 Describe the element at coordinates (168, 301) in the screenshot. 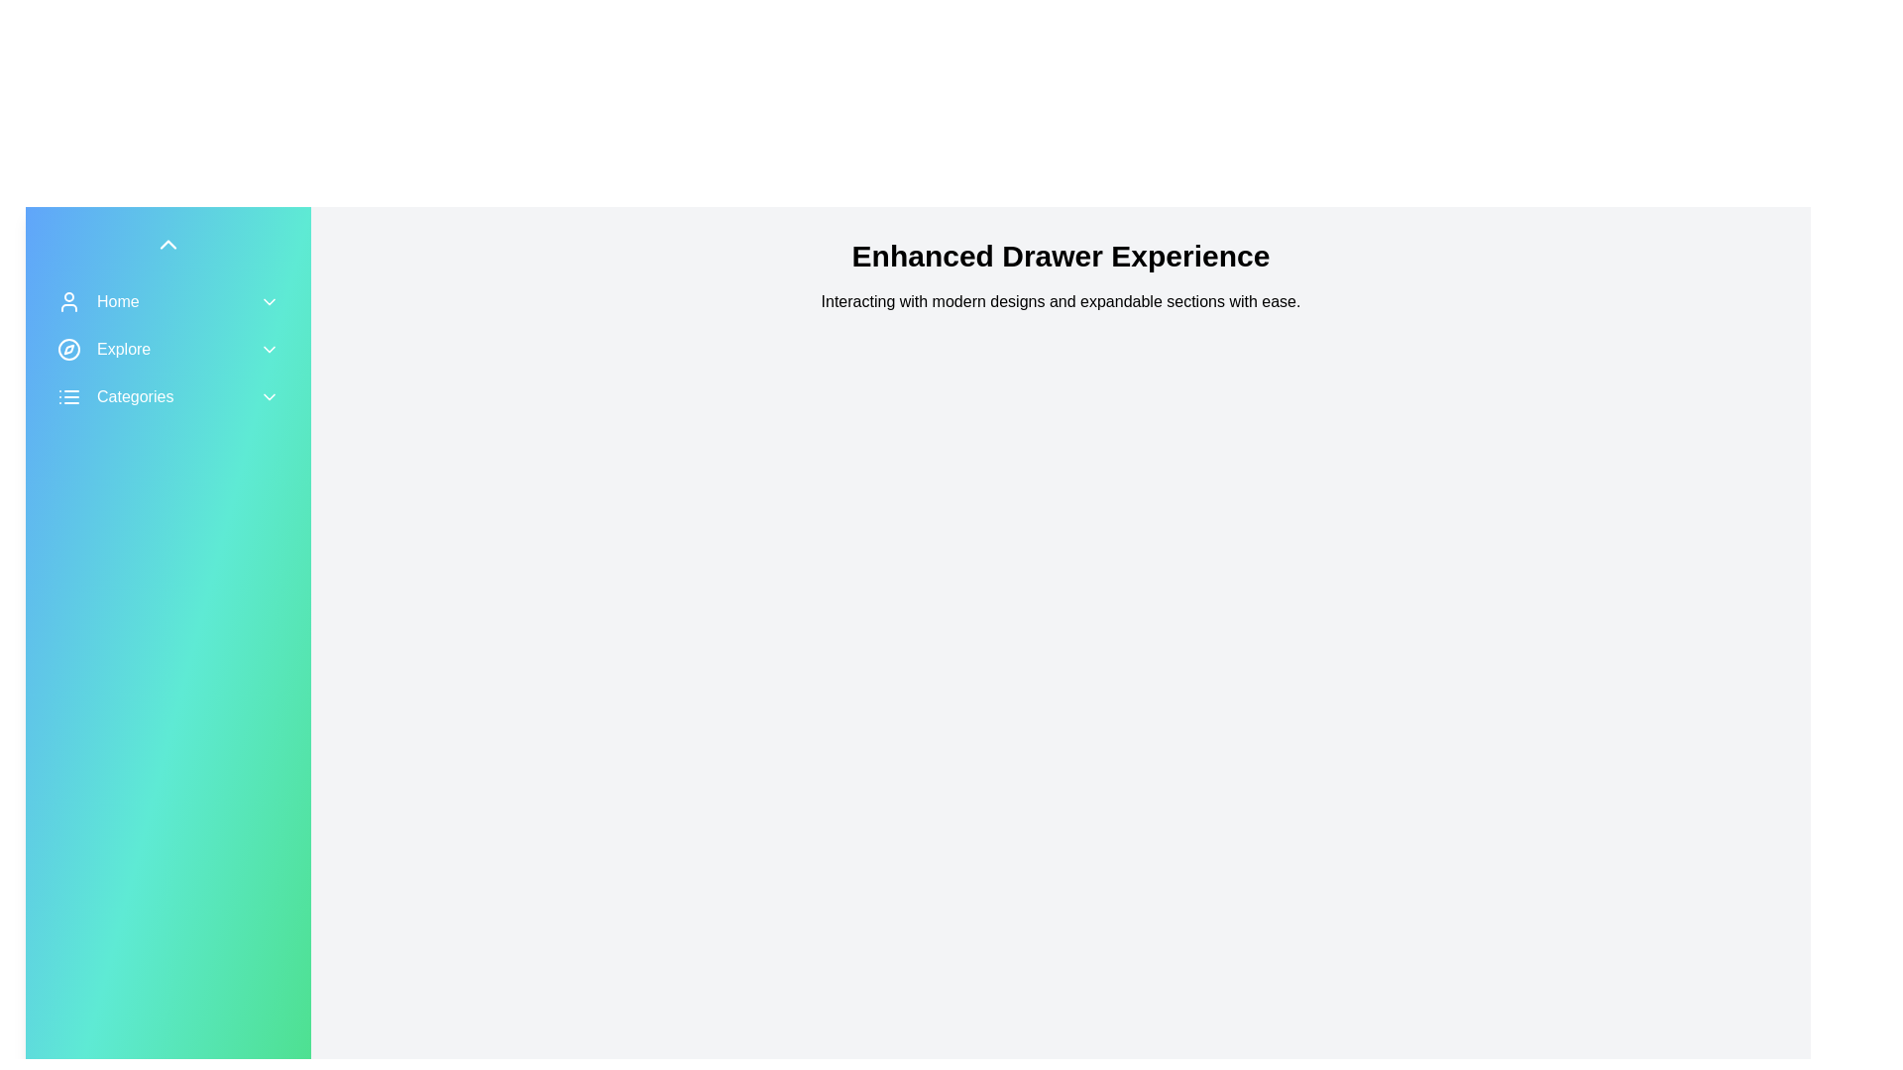

I see `the 'Home' menu item to toggle its expanded or collapsed state` at that location.